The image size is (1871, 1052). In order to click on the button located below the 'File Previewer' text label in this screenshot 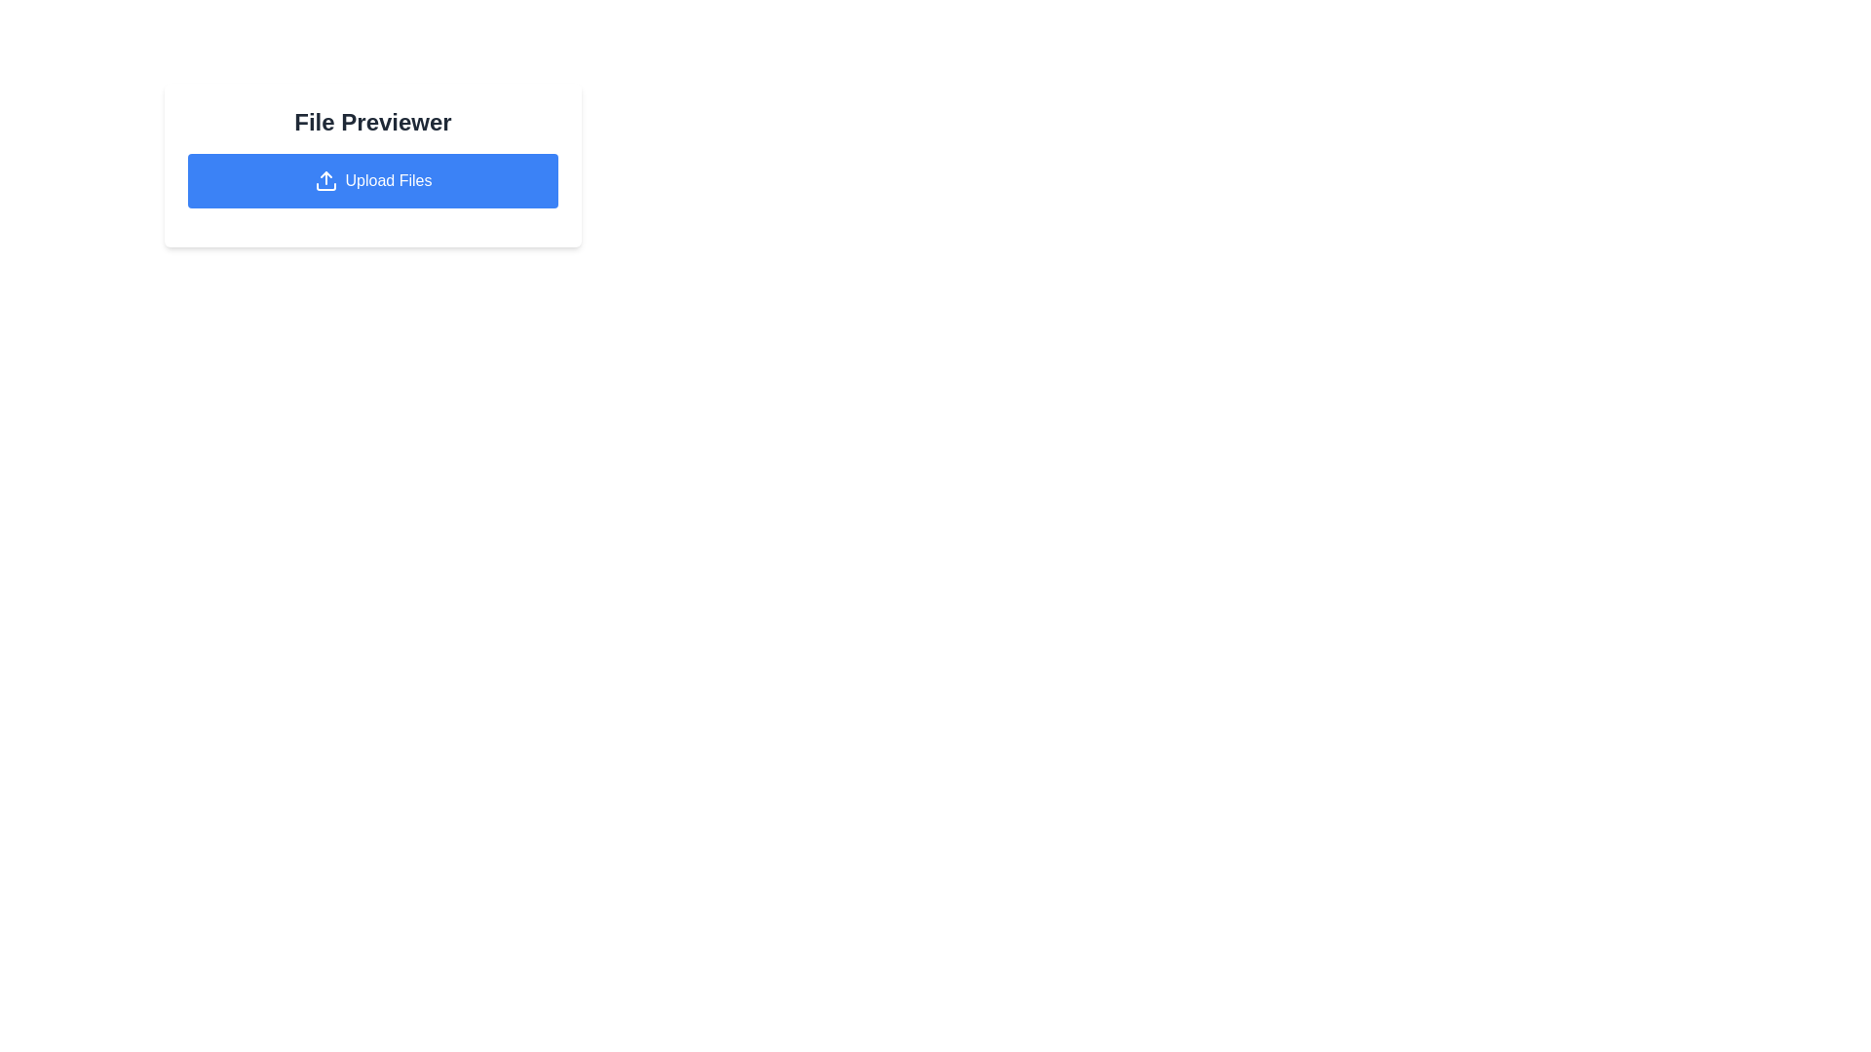, I will do `click(373, 180)`.